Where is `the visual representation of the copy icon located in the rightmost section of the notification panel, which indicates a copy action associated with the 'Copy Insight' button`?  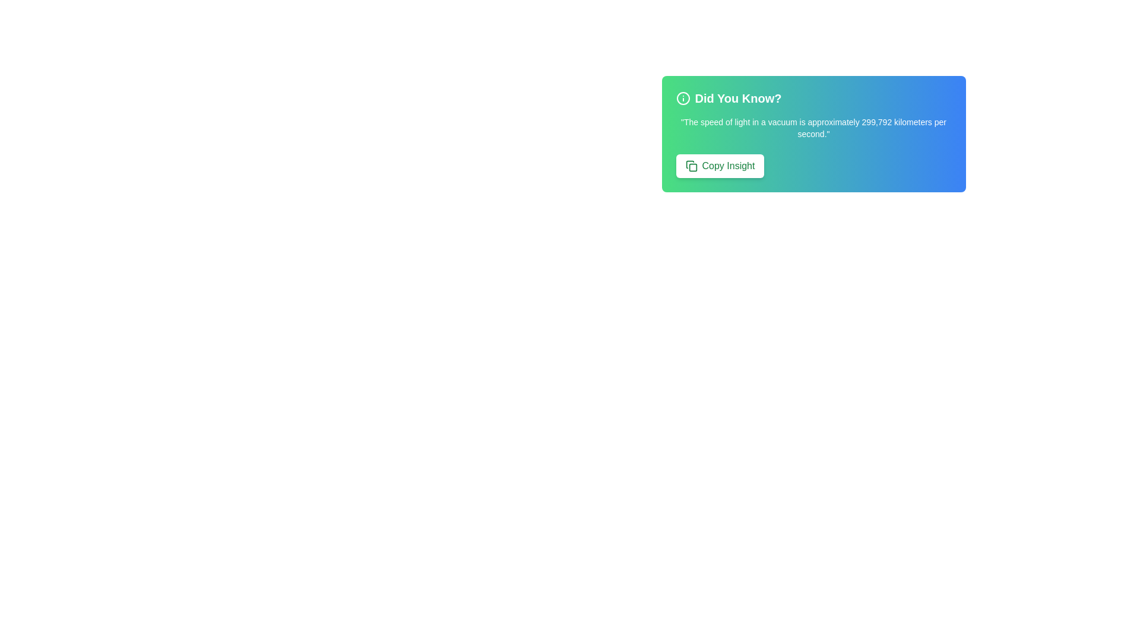
the visual representation of the copy icon located in the rightmost section of the notification panel, which indicates a copy action associated with the 'Copy Insight' button is located at coordinates (689, 164).